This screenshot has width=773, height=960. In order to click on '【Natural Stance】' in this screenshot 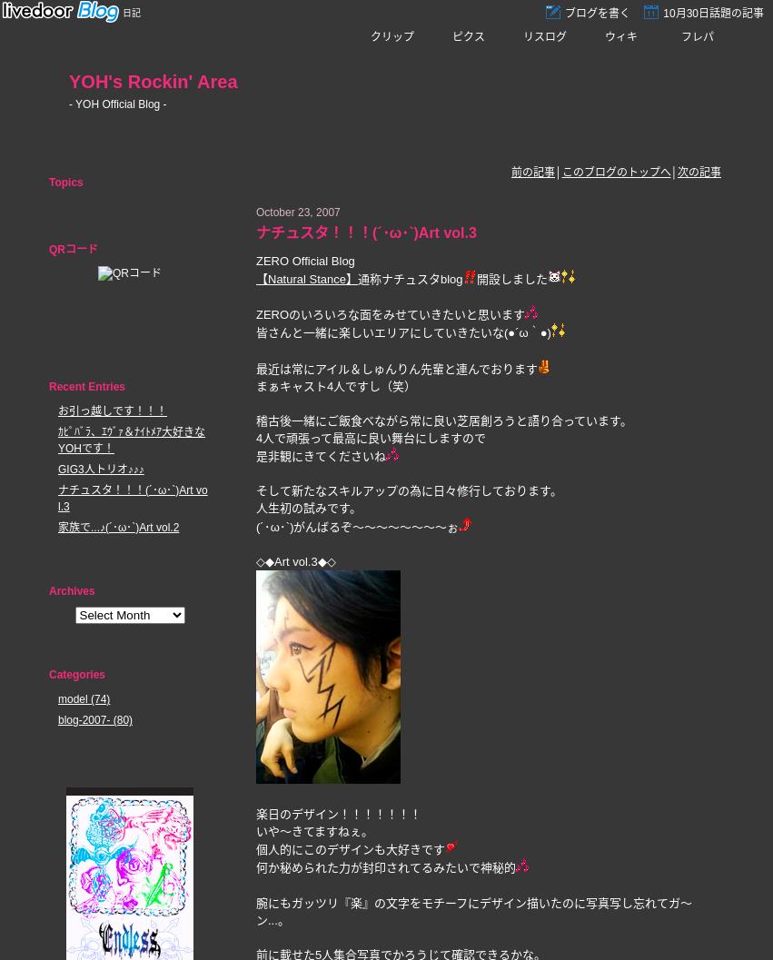, I will do `click(306, 279)`.